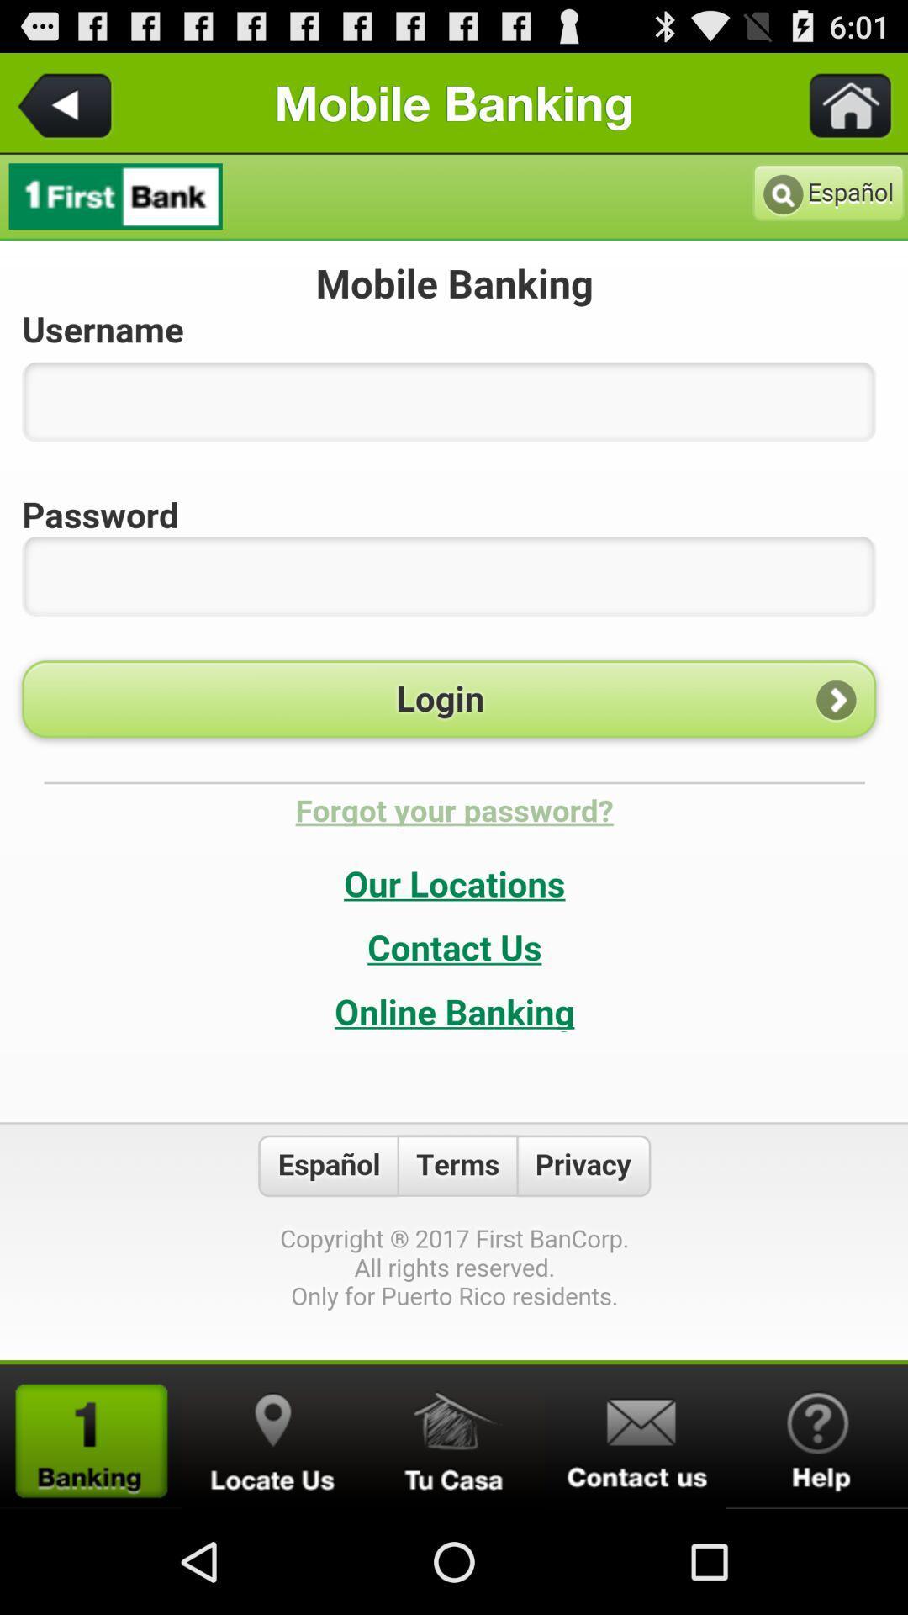 Image resolution: width=908 pixels, height=1615 pixels. Describe the element at coordinates (816, 1538) in the screenshot. I see `the help icon` at that location.